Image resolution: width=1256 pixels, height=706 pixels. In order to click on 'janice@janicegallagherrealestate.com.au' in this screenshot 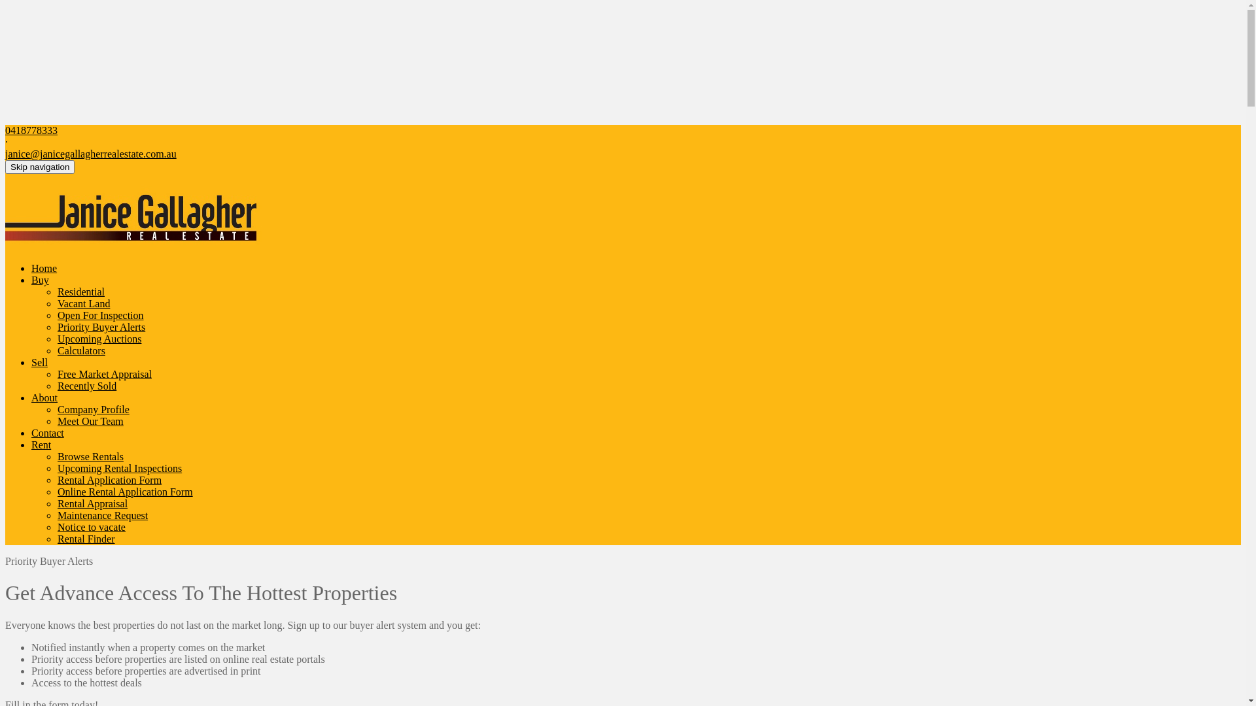, I will do `click(5, 153)`.